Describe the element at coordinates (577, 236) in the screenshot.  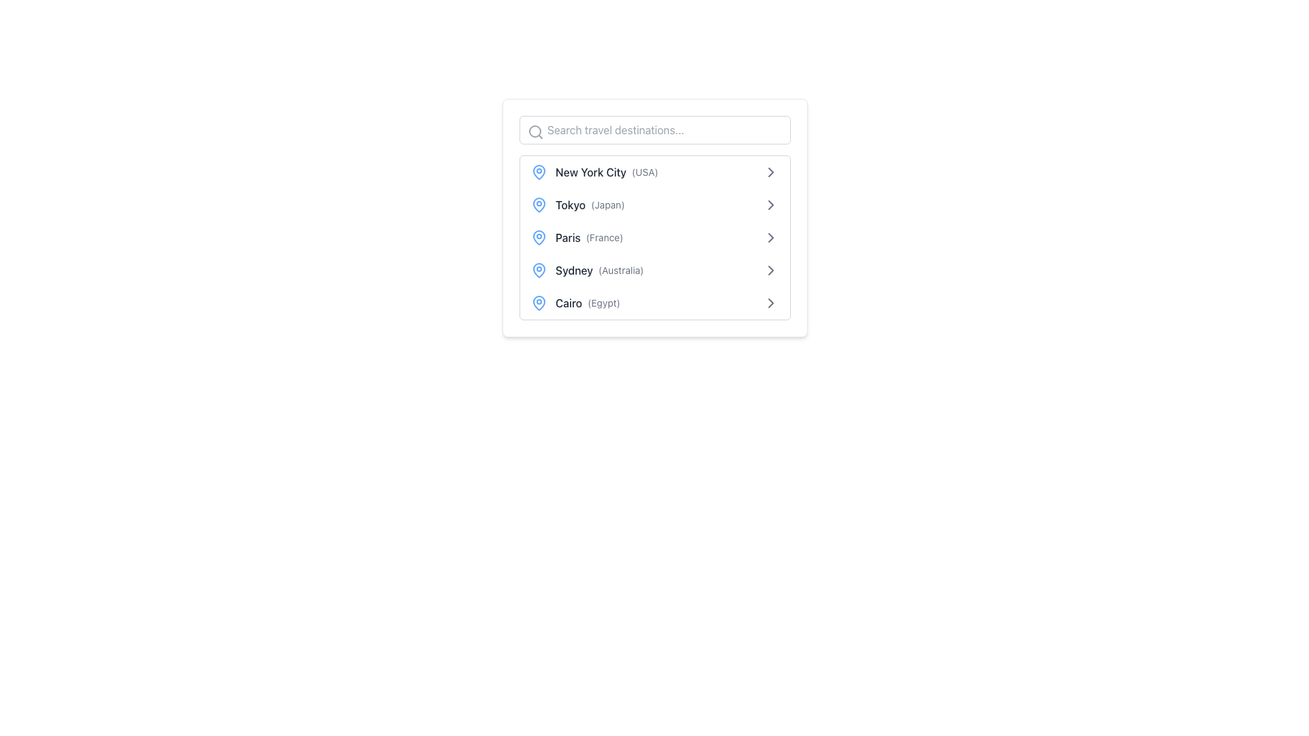
I see `the selectable destination option labeled 'Paris, France' in the travel-related interface` at that location.